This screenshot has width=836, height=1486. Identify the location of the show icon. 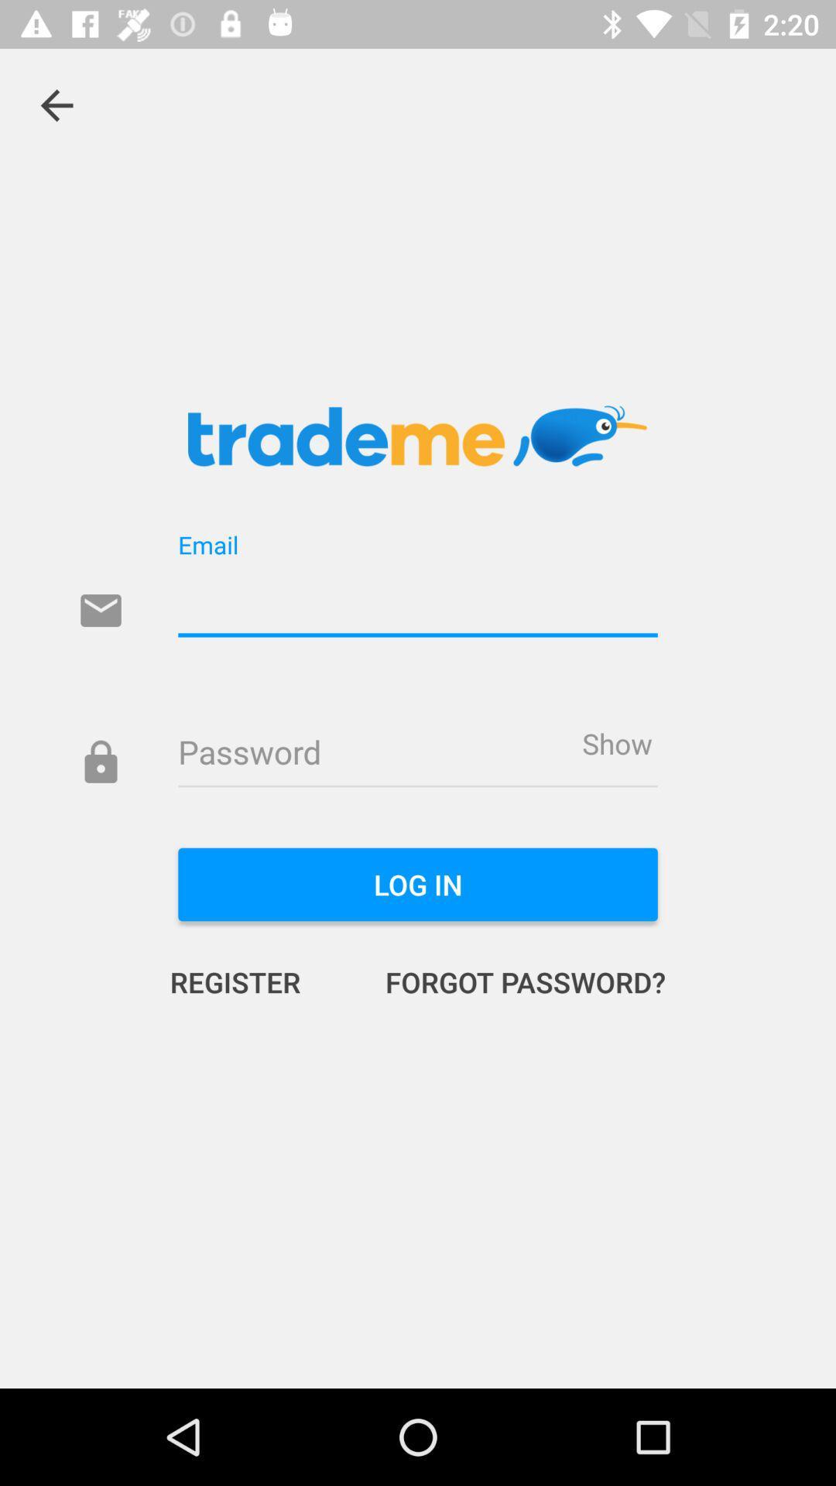
(616, 743).